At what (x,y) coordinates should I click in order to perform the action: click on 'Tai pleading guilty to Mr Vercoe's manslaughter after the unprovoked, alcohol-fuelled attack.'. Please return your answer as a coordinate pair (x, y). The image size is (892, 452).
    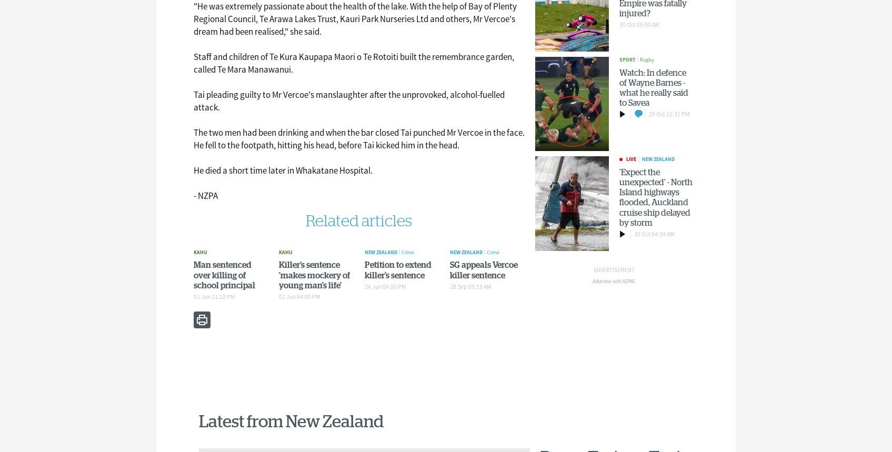
    Looking at the image, I should click on (348, 101).